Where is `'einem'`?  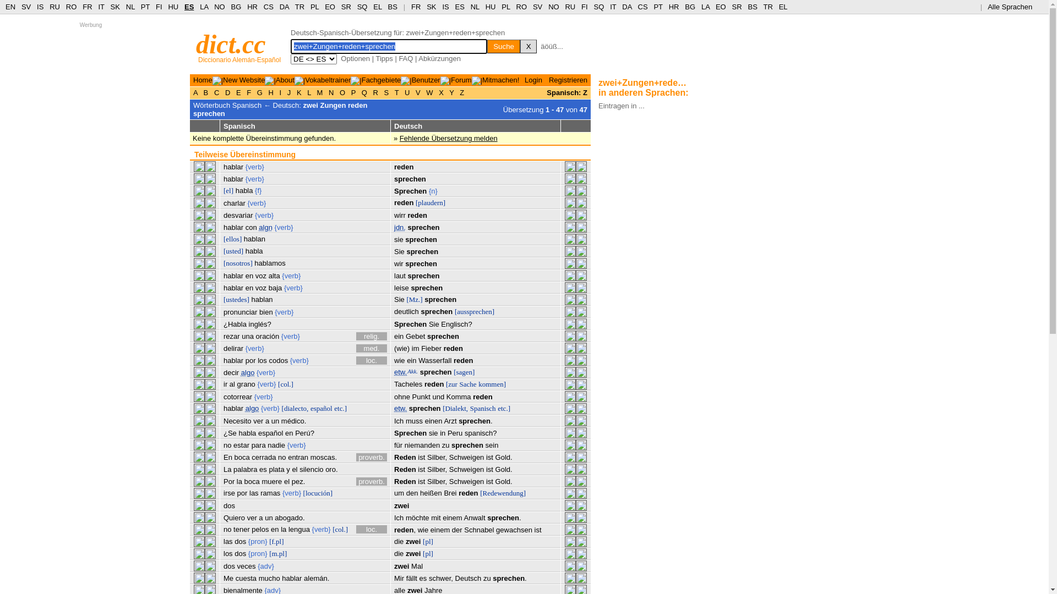 'einem' is located at coordinates (452, 518).